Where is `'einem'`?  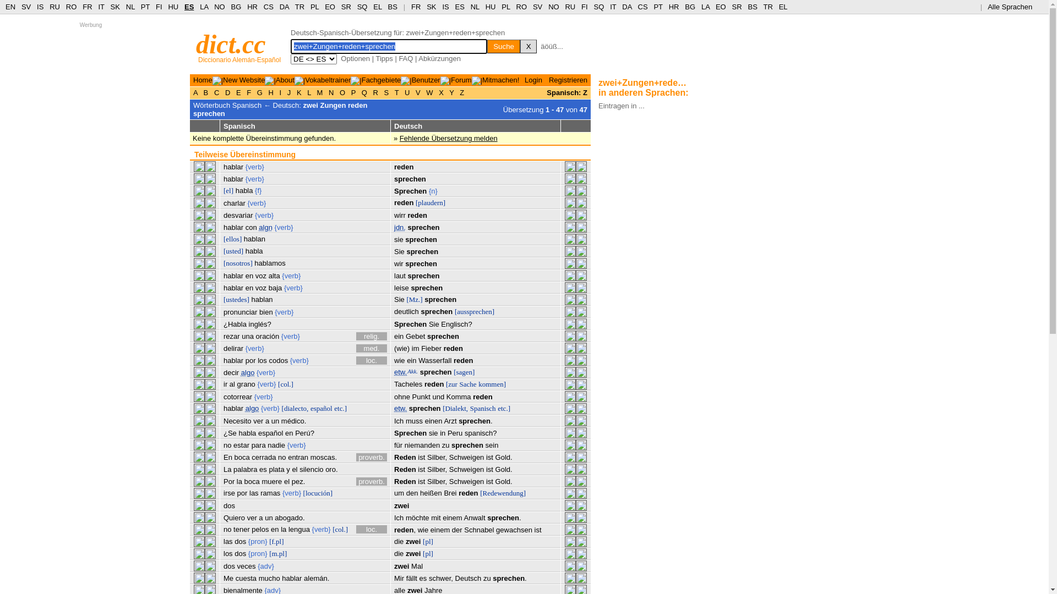 'einem' is located at coordinates (452, 518).